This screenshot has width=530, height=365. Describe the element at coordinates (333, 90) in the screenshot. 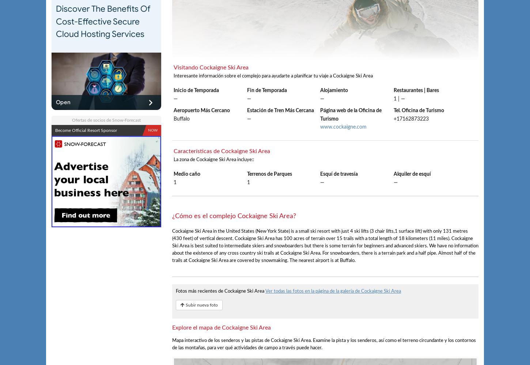

I see `'Alojamiento'` at that location.